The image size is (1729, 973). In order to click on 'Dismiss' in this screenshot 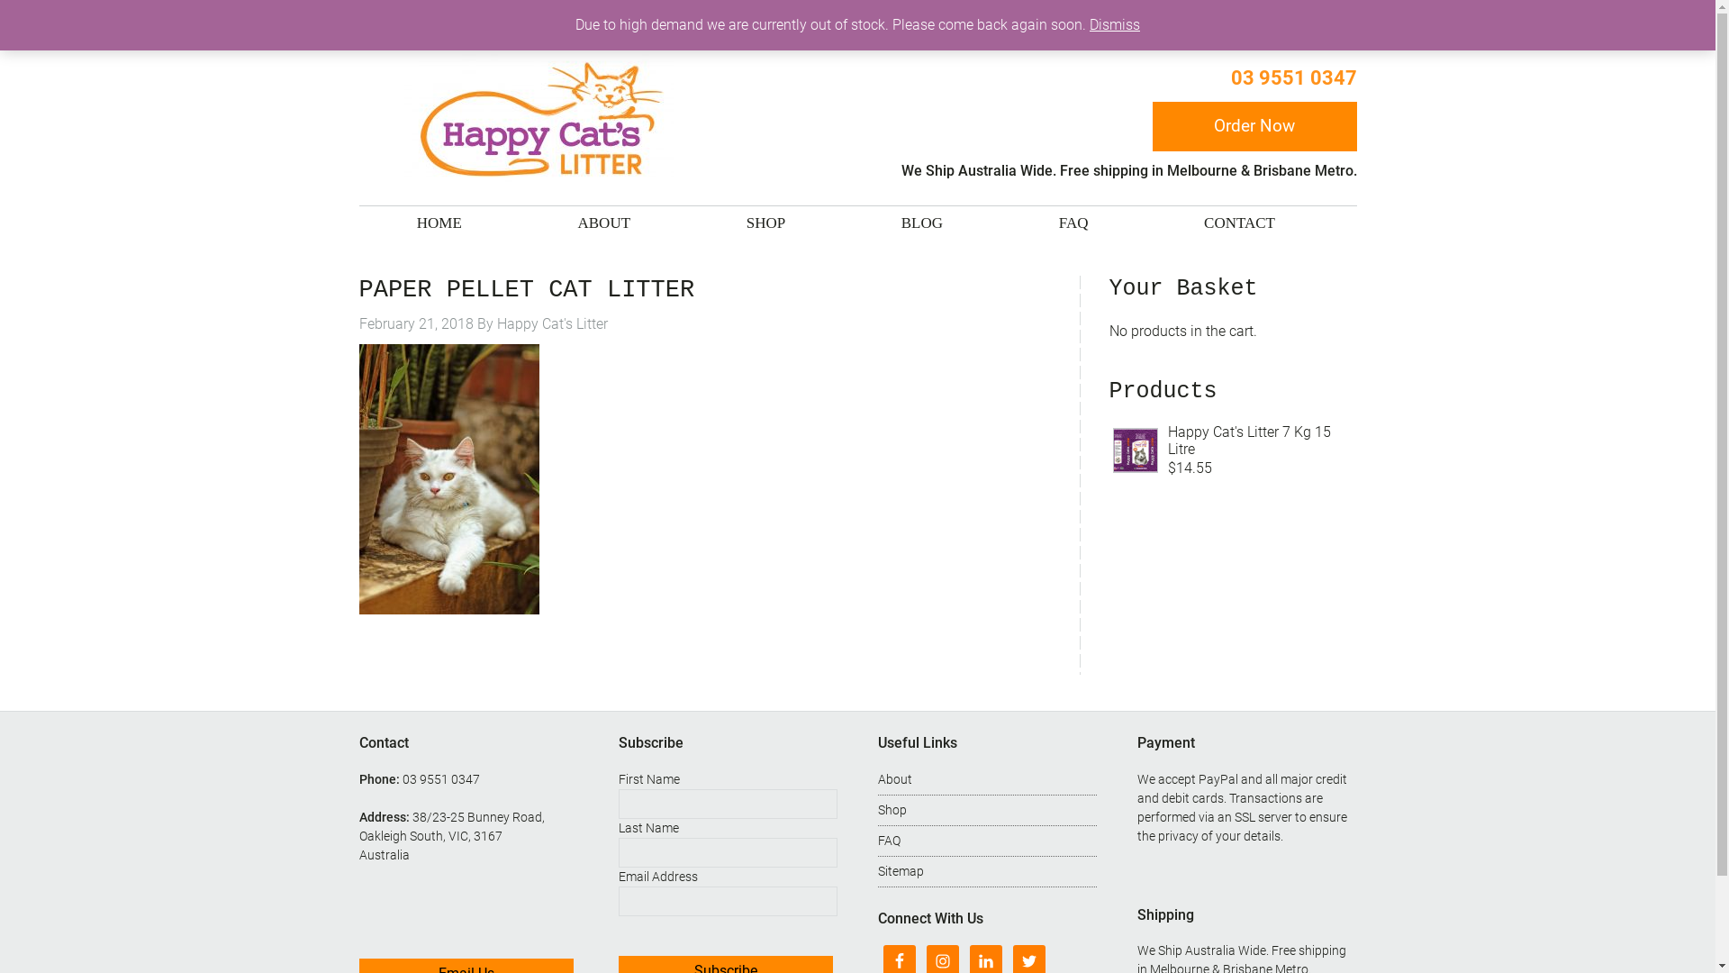, I will do `click(1114, 24)`.